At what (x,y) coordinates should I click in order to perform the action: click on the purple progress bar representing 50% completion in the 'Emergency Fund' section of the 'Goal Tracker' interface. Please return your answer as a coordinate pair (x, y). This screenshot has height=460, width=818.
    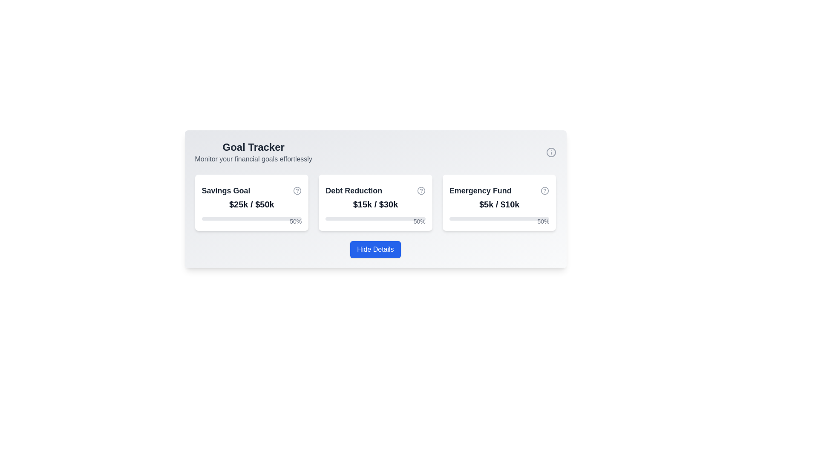
    Looking at the image, I should click on (474, 218).